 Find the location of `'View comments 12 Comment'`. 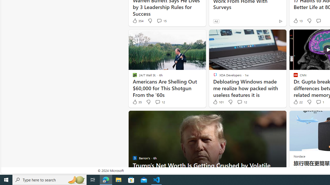

'View comments 12 Comment' is located at coordinates (239, 102).